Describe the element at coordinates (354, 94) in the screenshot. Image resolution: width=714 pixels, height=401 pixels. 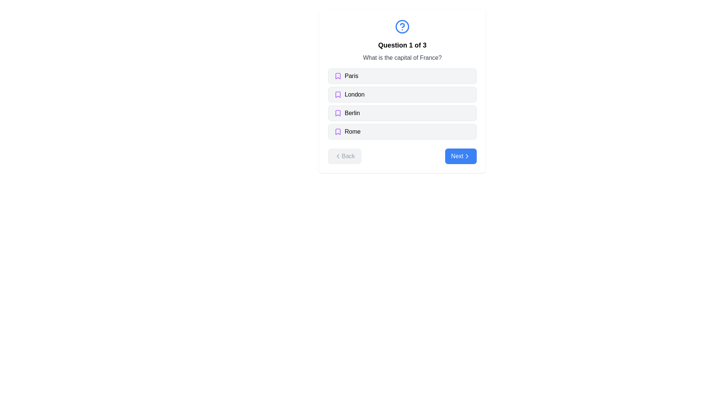
I see `the 'London' text label in the multiple-choice question interface` at that location.